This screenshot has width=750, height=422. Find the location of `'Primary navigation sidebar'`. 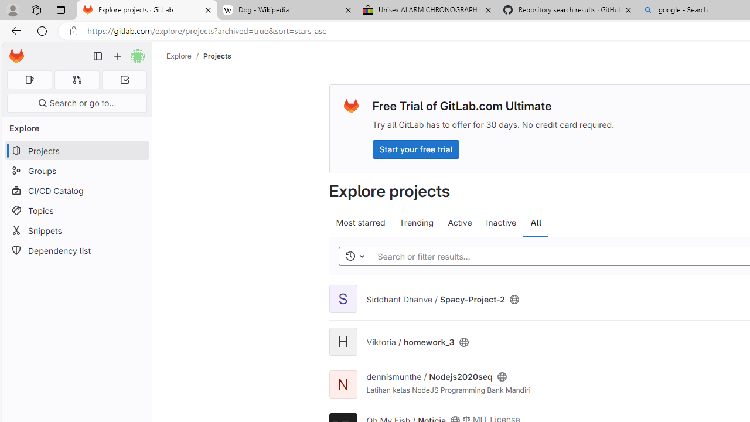

'Primary navigation sidebar' is located at coordinates (98, 56).